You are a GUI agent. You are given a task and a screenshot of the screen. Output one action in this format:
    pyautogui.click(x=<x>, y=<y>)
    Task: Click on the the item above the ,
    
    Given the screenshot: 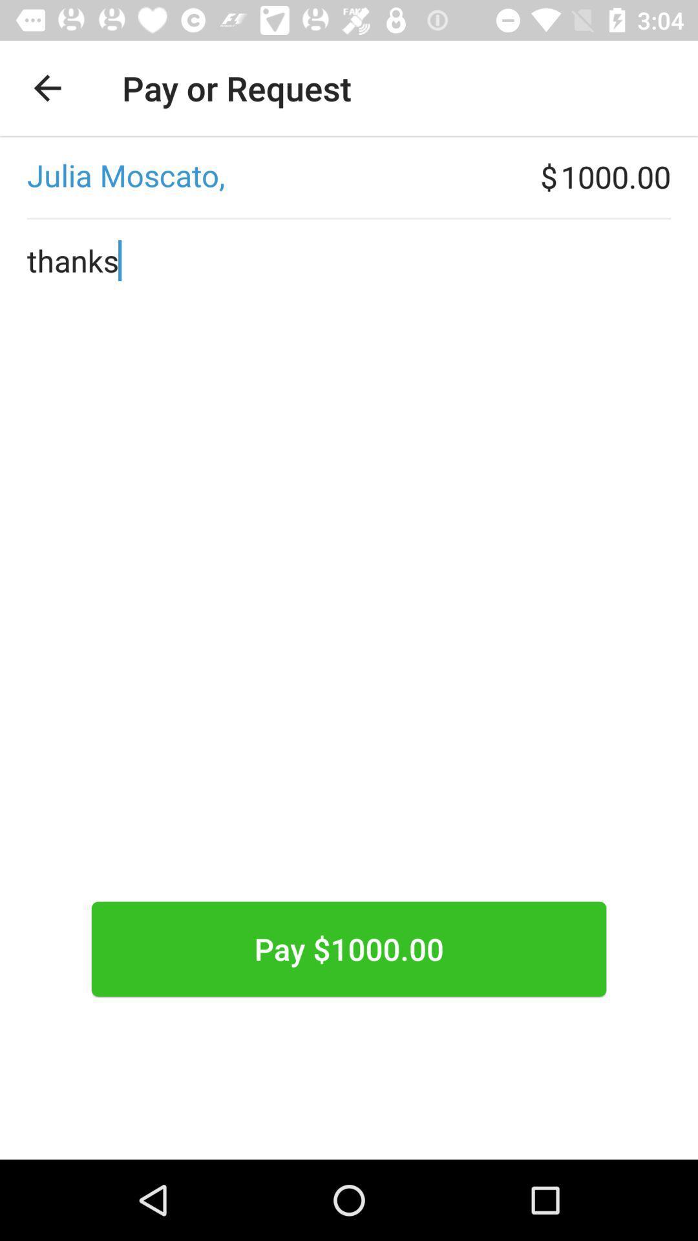 What is the action you would take?
    pyautogui.click(x=47, y=87)
    